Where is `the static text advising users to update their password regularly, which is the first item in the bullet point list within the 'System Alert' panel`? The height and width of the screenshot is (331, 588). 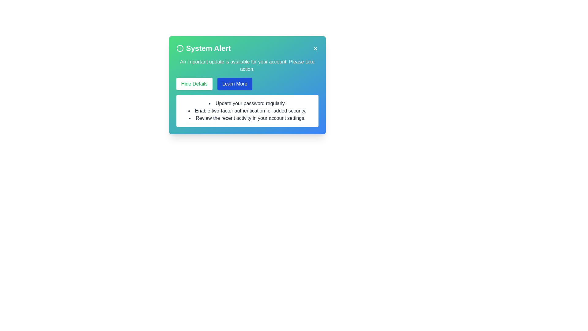
the static text advising users to update their password regularly, which is the first item in the bullet point list within the 'System Alert' panel is located at coordinates (247, 103).